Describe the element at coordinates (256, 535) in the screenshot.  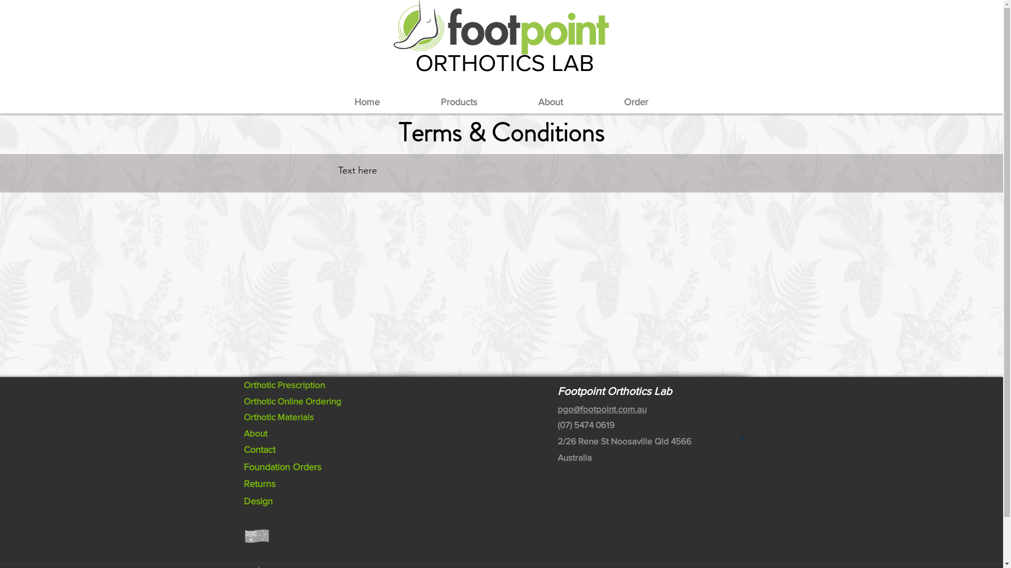
I see `'Footpoint is an Australian company.'` at that location.